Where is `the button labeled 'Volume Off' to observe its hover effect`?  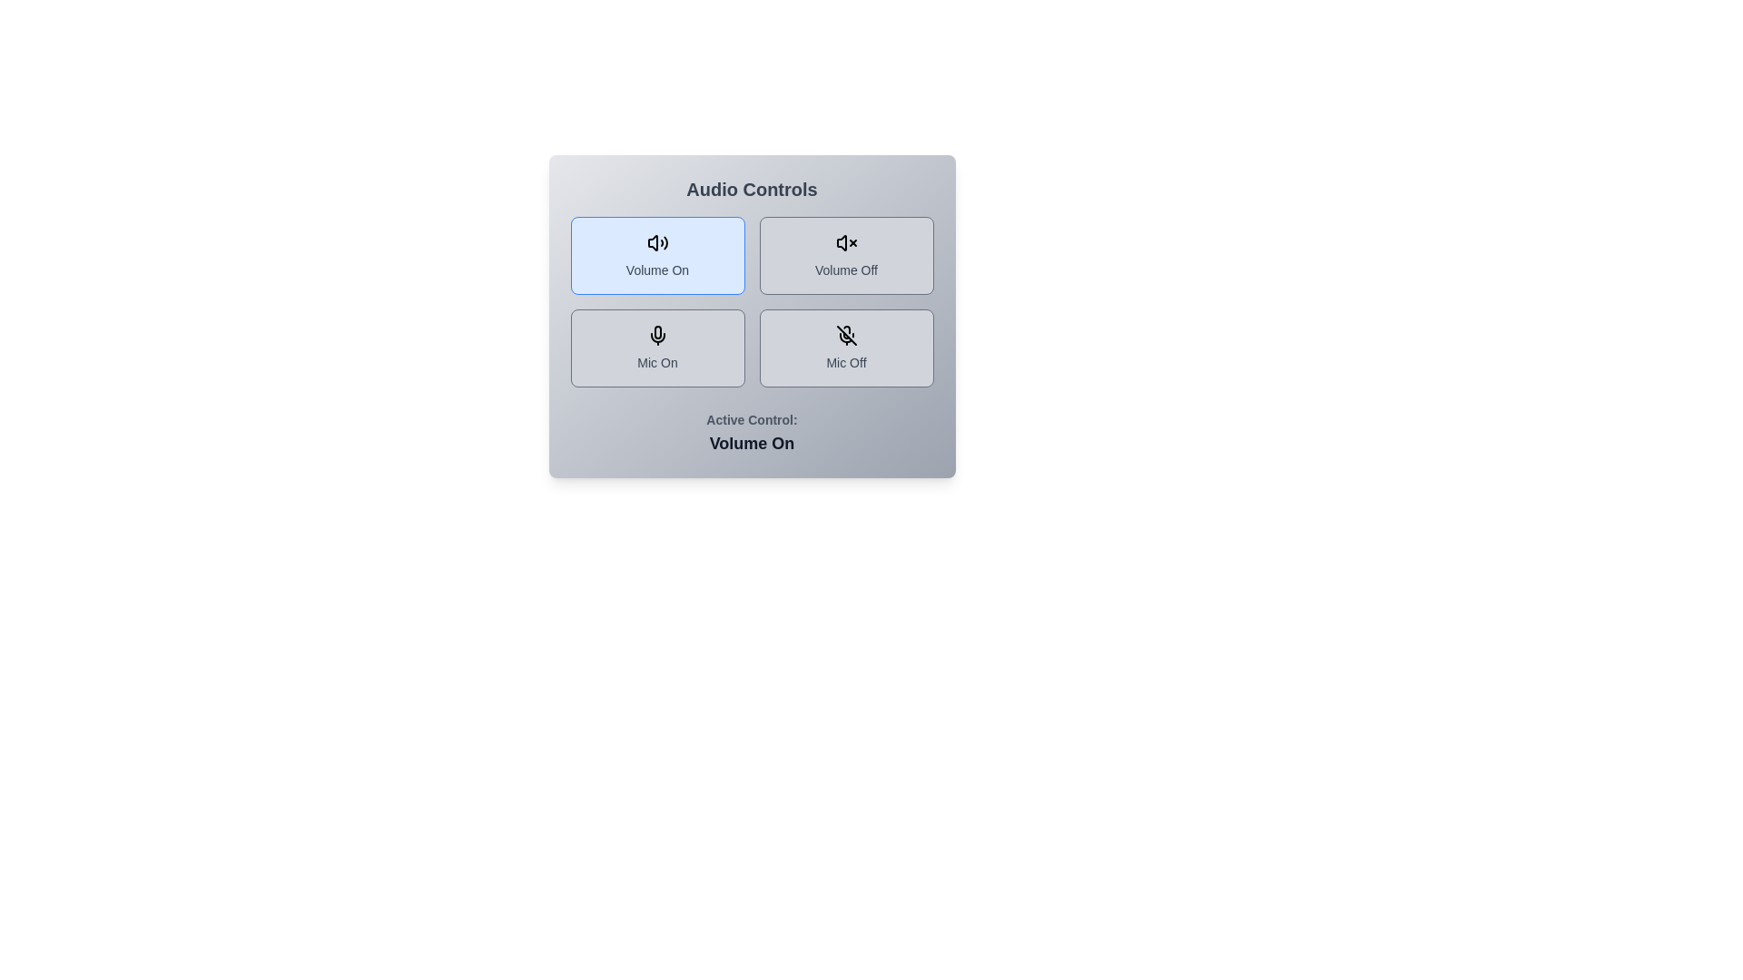
the button labeled 'Volume Off' to observe its hover effect is located at coordinates (845, 255).